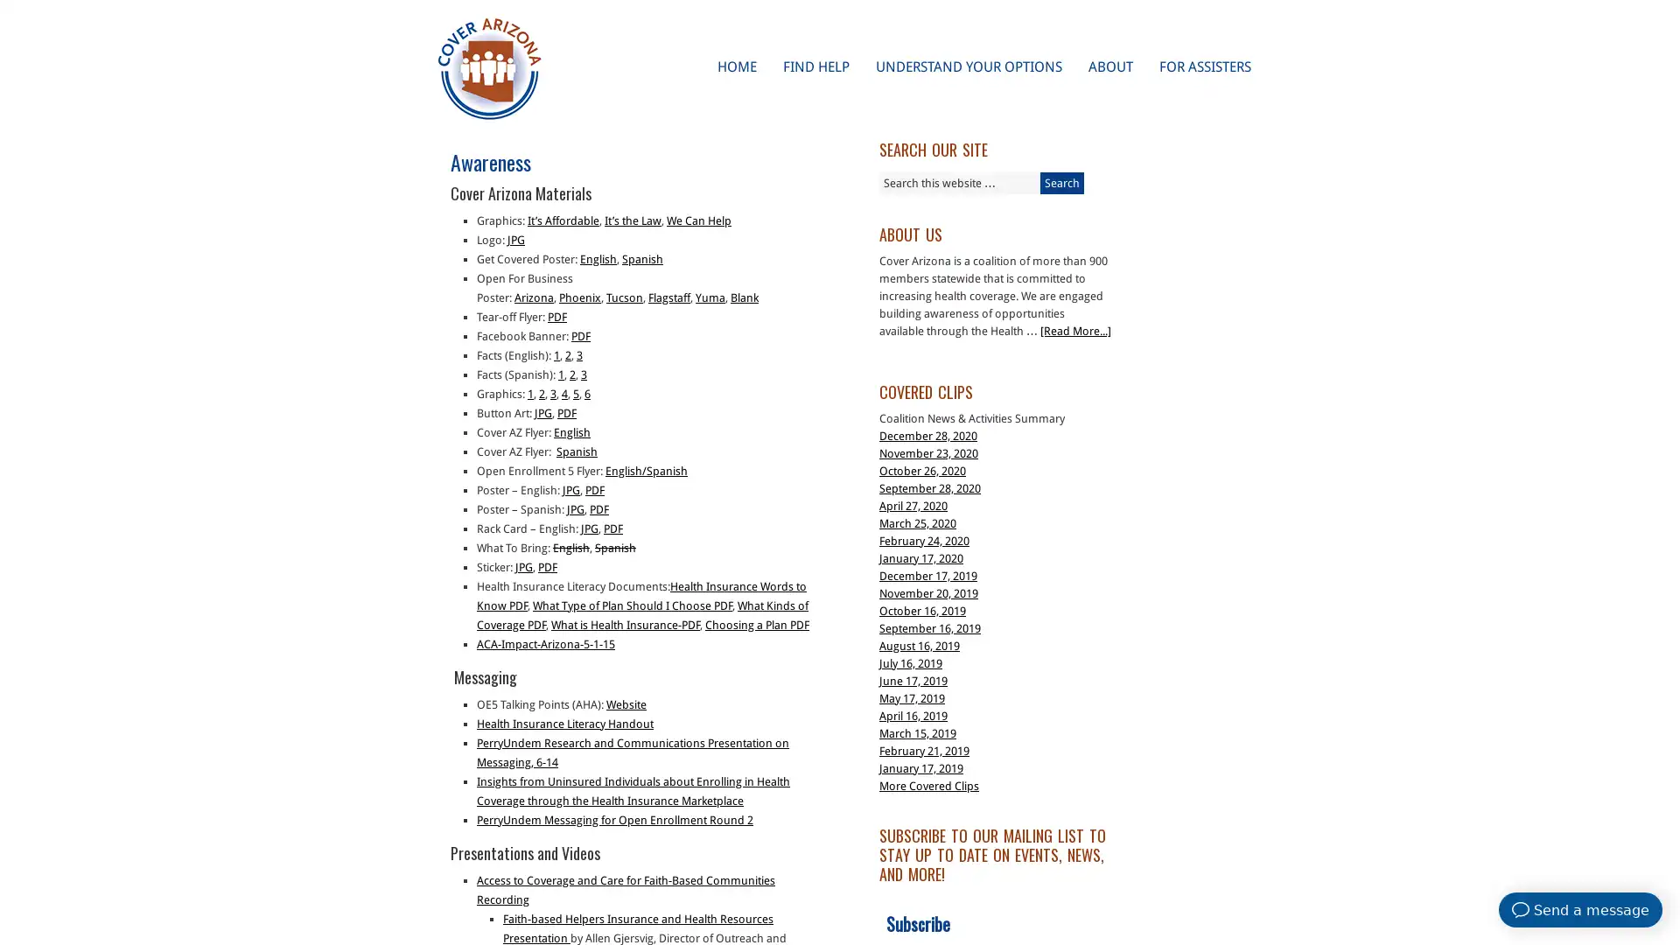 The width and height of the screenshot is (1680, 945). What do you see at coordinates (1061, 183) in the screenshot?
I see `Search` at bounding box center [1061, 183].